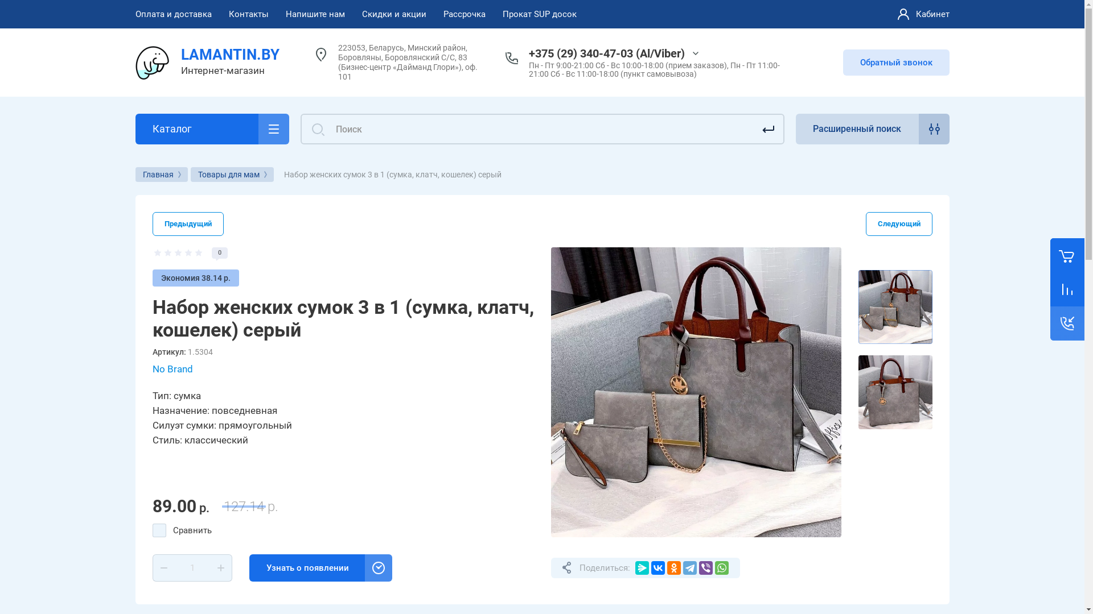  What do you see at coordinates (180, 55) in the screenshot?
I see `'LAMANTIN.BY'` at bounding box center [180, 55].